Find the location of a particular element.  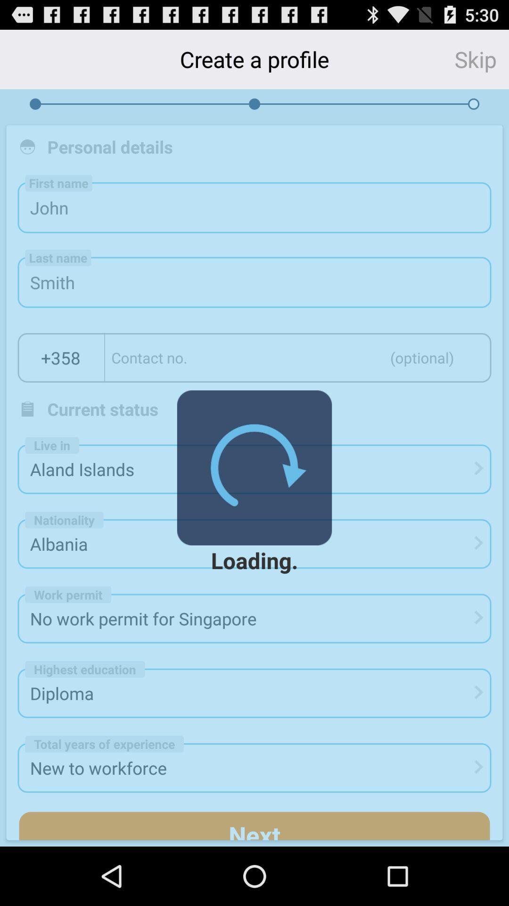

the 2nd text field on the web page is located at coordinates (254, 282).